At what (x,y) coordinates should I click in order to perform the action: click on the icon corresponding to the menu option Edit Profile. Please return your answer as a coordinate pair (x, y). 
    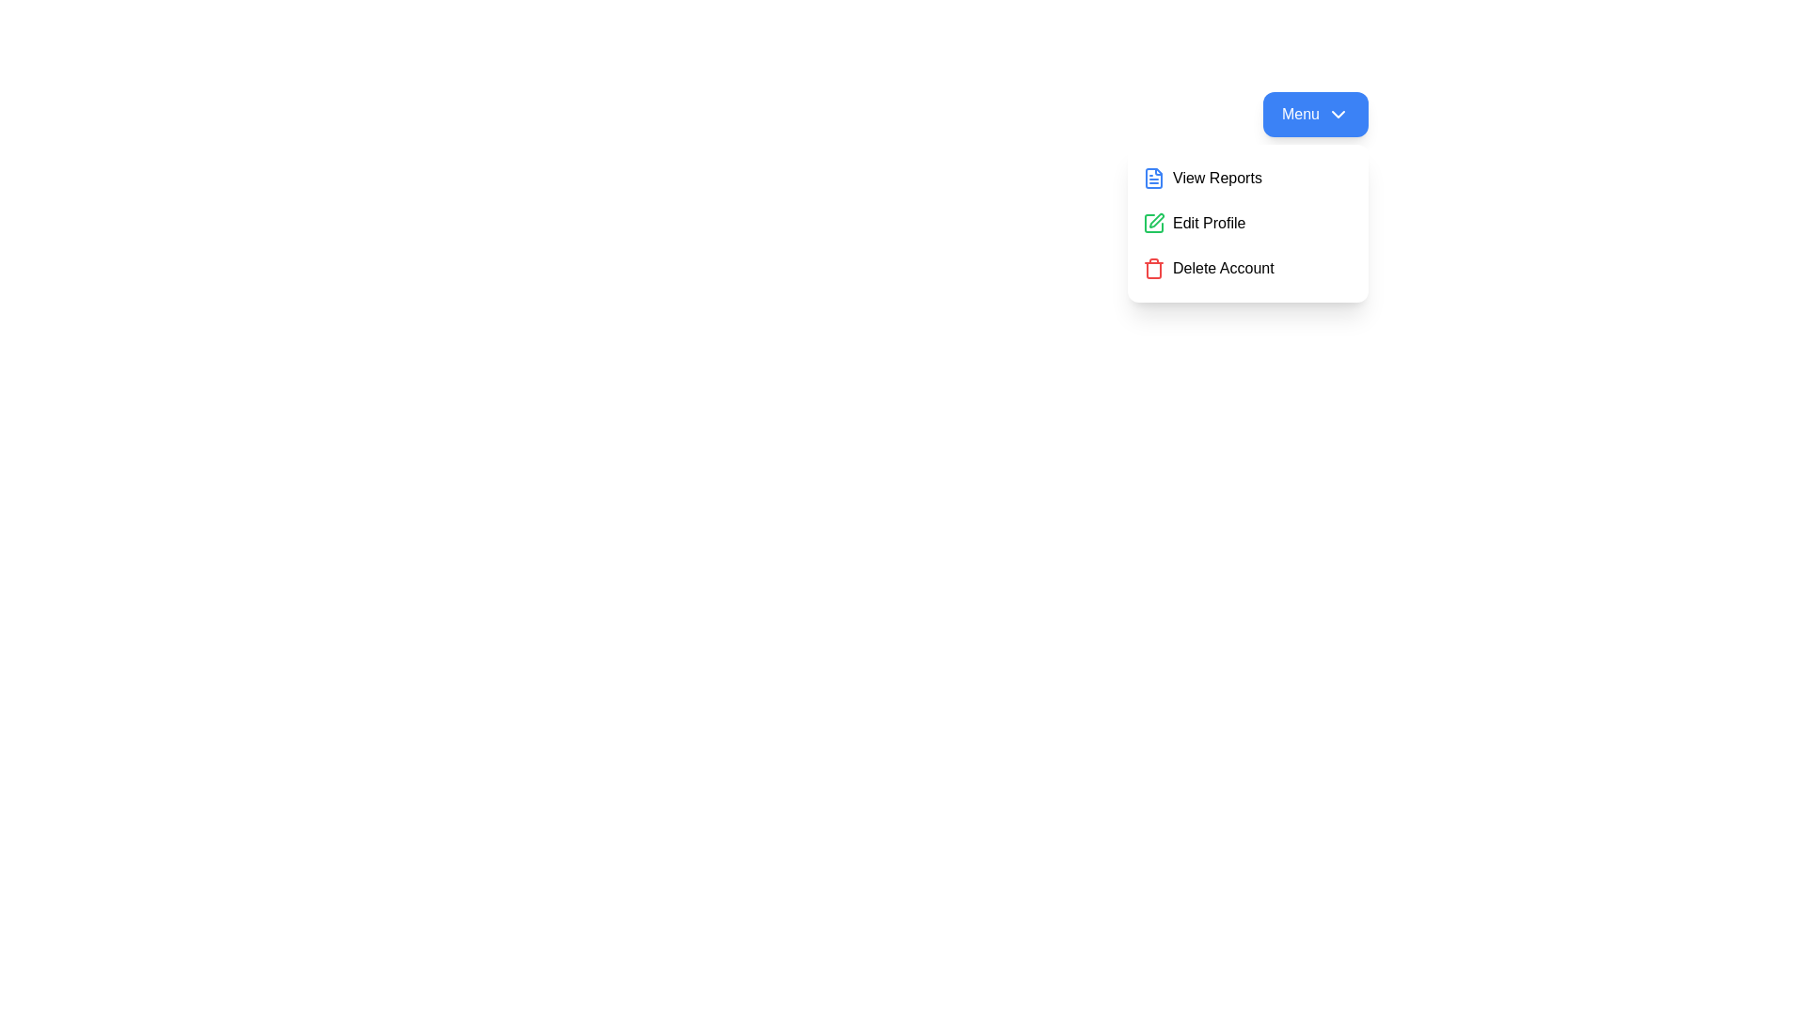
    Looking at the image, I should click on (1153, 223).